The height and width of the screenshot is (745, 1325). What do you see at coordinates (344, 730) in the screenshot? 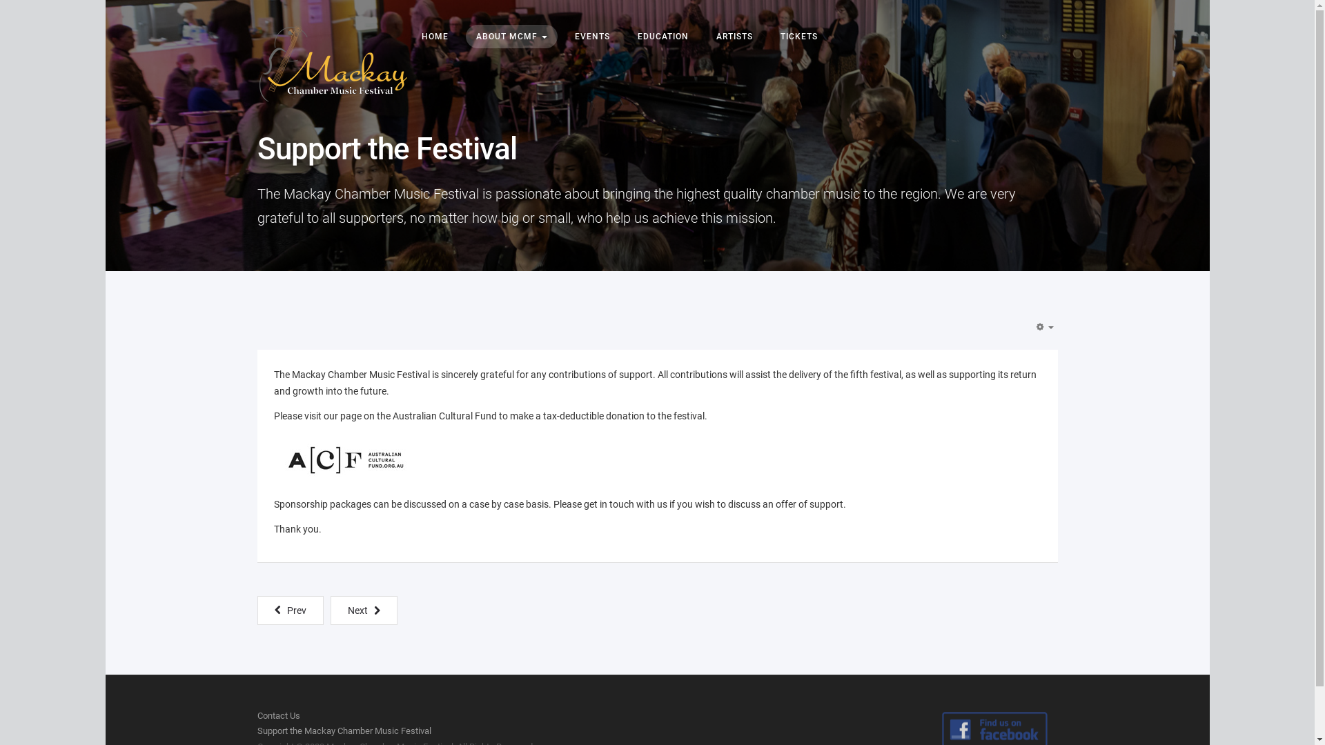
I see `'Support the Mackay Chamber Music Festival'` at bounding box center [344, 730].